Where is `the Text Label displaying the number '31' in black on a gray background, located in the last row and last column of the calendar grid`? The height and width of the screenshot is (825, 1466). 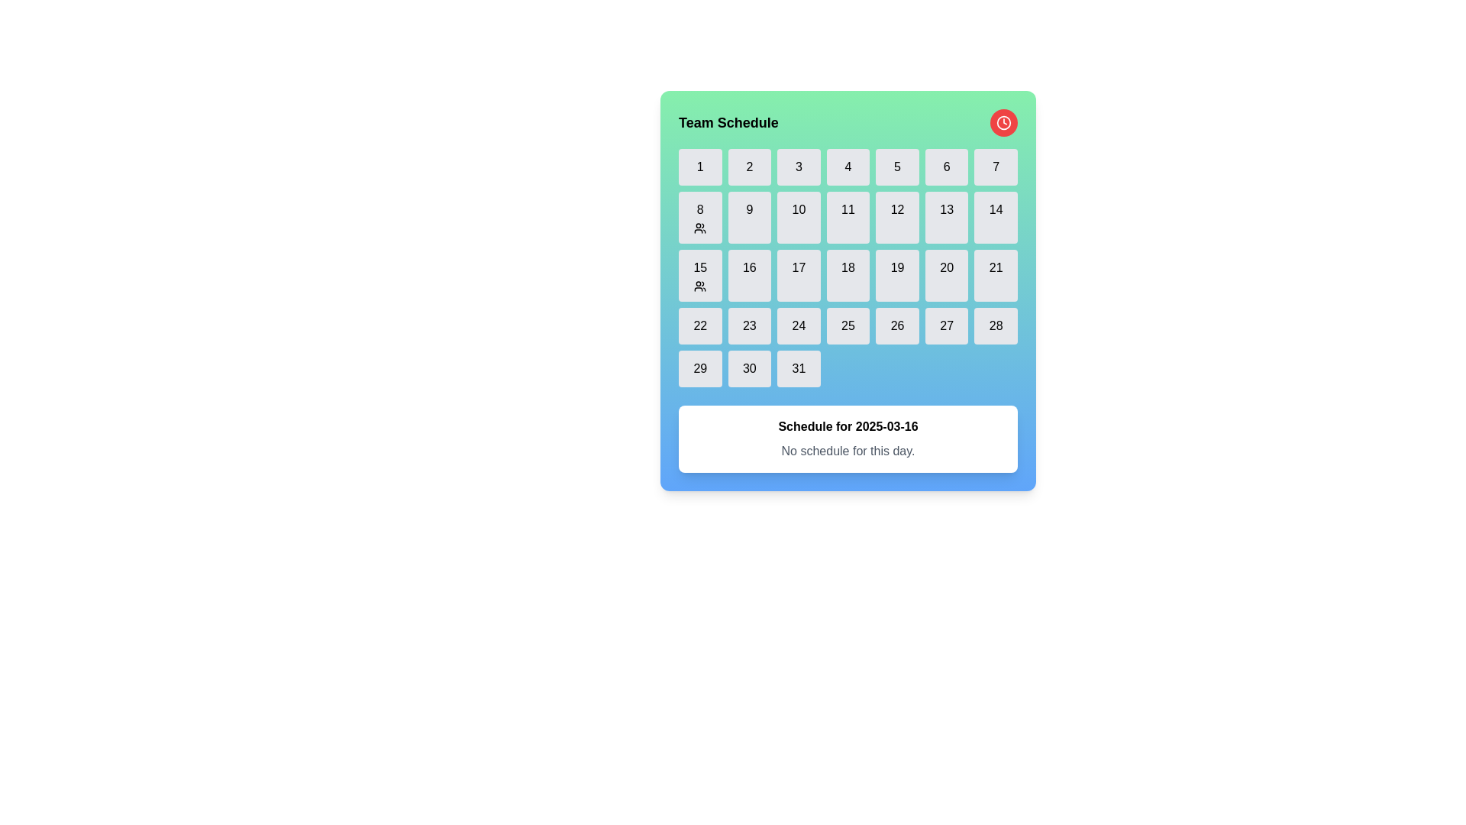
the Text Label displaying the number '31' in black on a gray background, located in the last row and last column of the calendar grid is located at coordinates (798, 368).